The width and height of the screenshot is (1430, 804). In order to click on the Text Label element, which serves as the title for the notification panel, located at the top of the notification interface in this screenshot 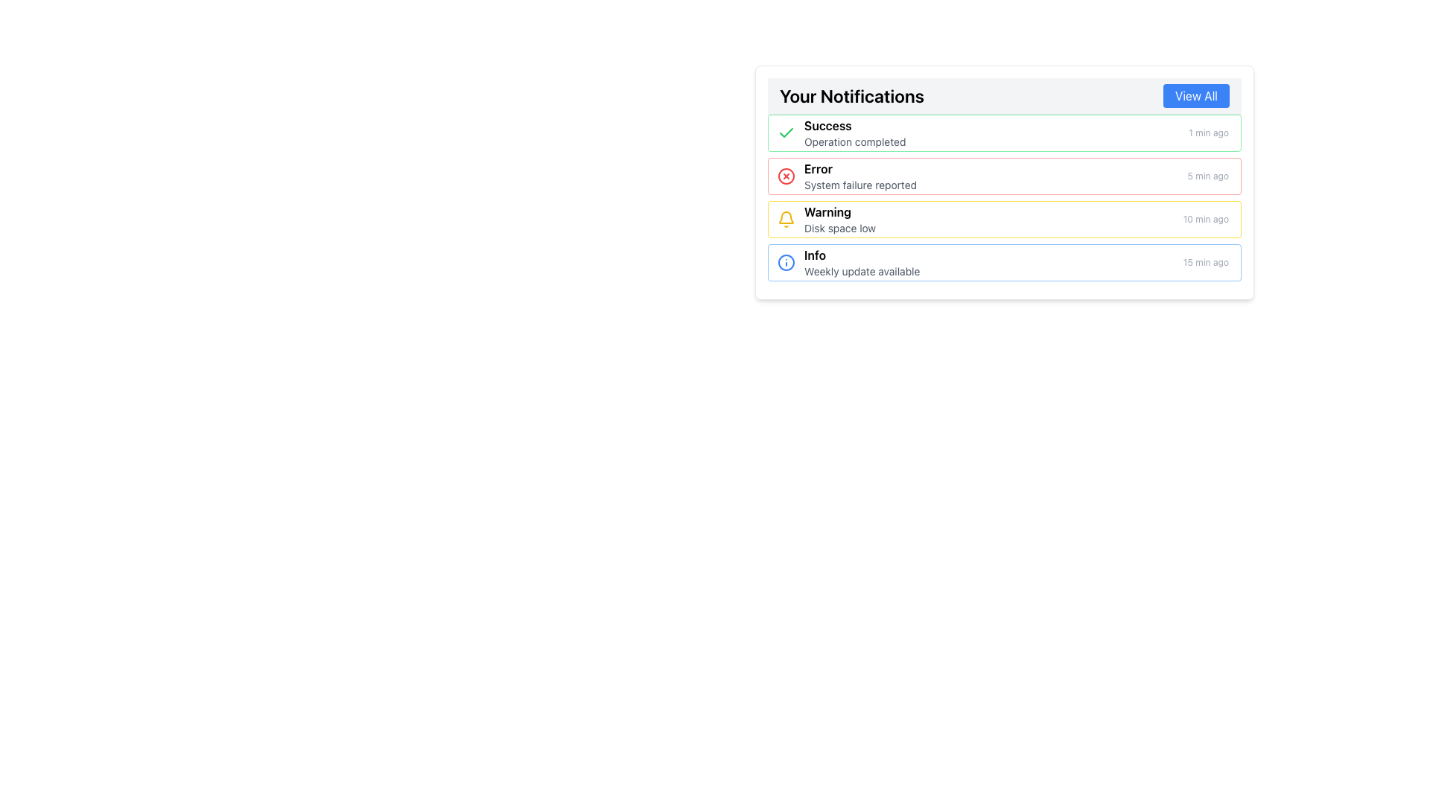, I will do `click(851, 95)`.